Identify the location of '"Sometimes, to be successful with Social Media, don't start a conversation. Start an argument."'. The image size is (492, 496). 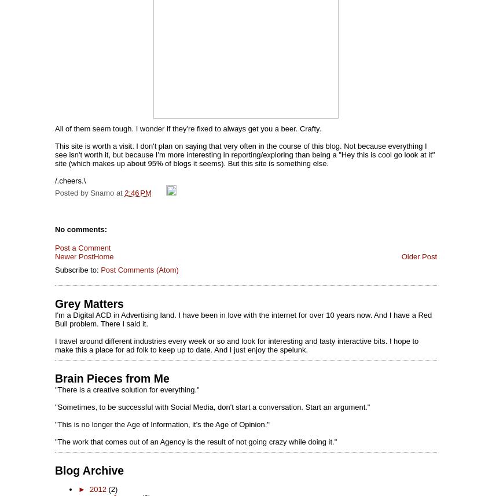
(212, 407).